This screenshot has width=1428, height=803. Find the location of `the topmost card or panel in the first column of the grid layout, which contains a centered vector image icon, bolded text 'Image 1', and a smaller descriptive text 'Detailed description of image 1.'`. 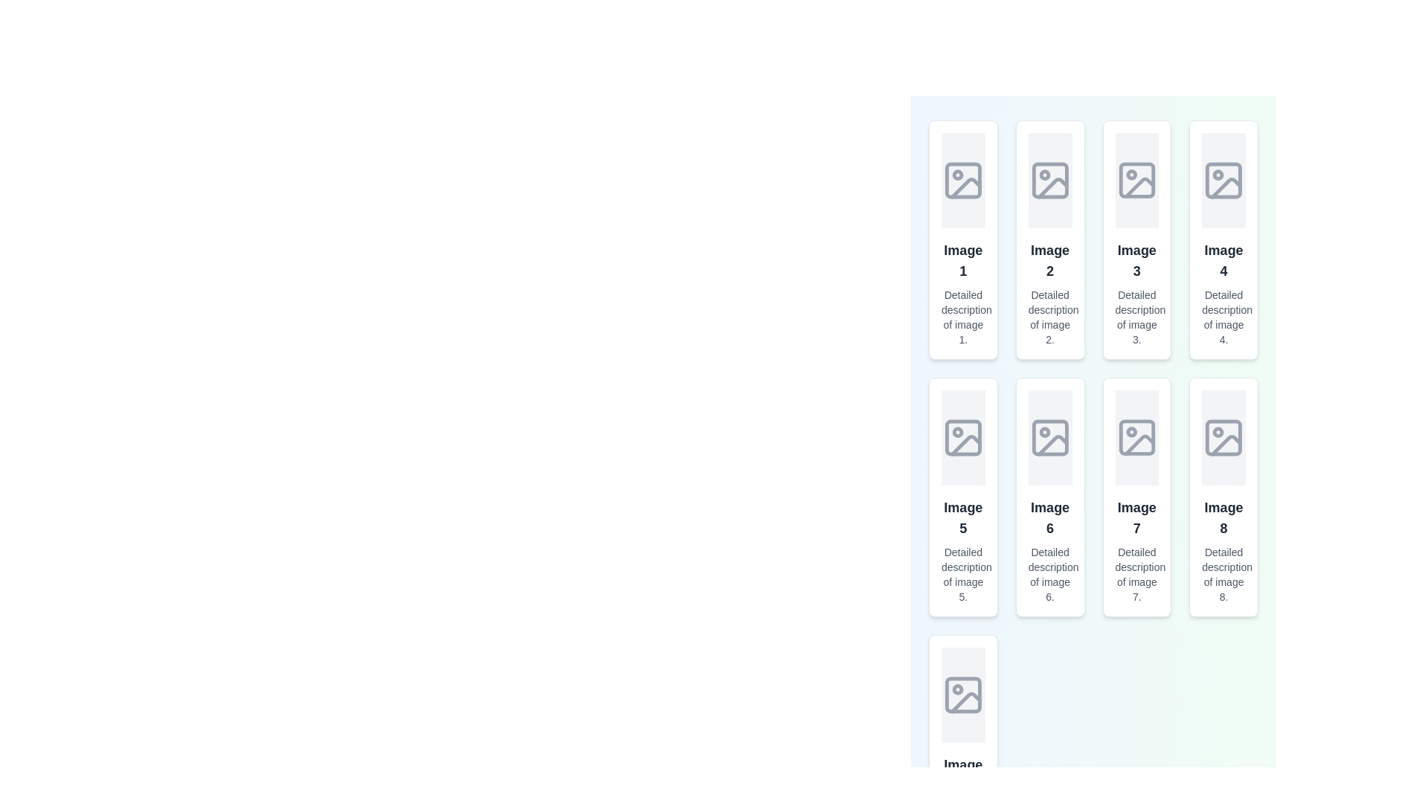

the topmost card or panel in the first column of the grid layout, which contains a centered vector image icon, bolded text 'Image 1', and a smaller descriptive text 'Detailed description of image 1.' is located at coordinates (963, 239).